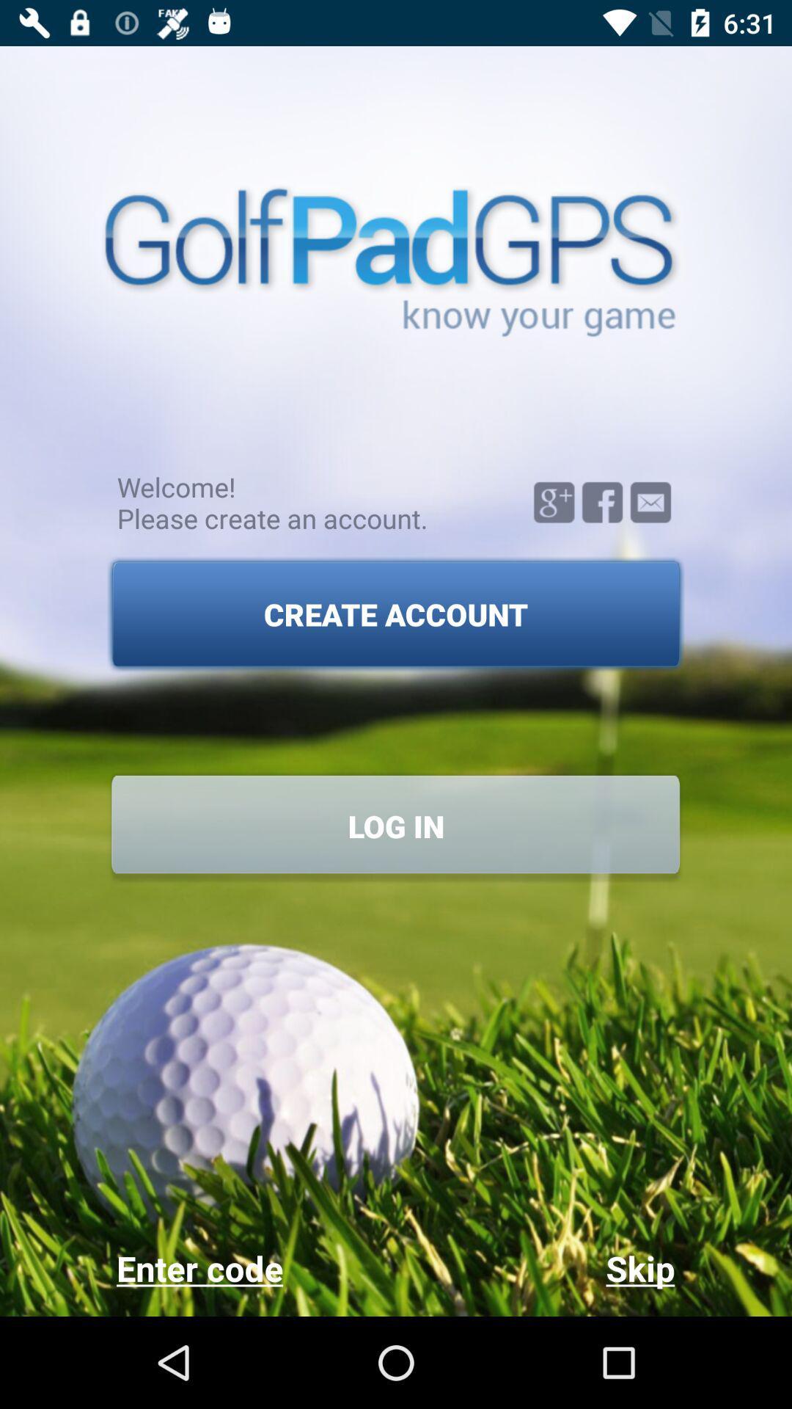 The height and width of the screenshot is (1409, 792). I want to click on the item below log in item, so click(535, 1267).